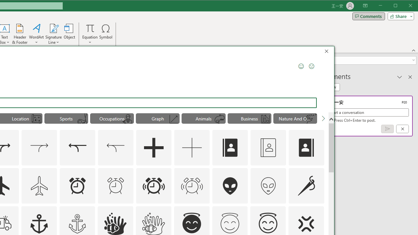 The image size is (418, 235). What do you see at coordinates (89, 34) in the screenshot?
I see `'Equation'` at bounding box center [89, 34].